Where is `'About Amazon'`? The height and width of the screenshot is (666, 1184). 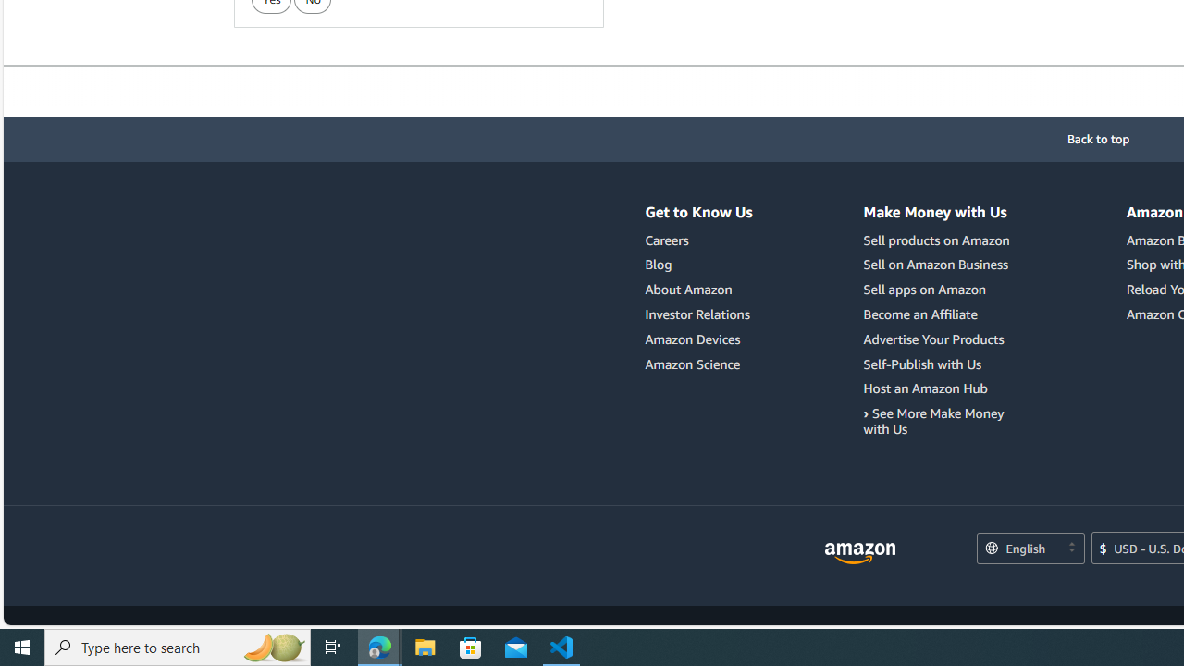
'About Amazon' is located at coordinates (697, 290).